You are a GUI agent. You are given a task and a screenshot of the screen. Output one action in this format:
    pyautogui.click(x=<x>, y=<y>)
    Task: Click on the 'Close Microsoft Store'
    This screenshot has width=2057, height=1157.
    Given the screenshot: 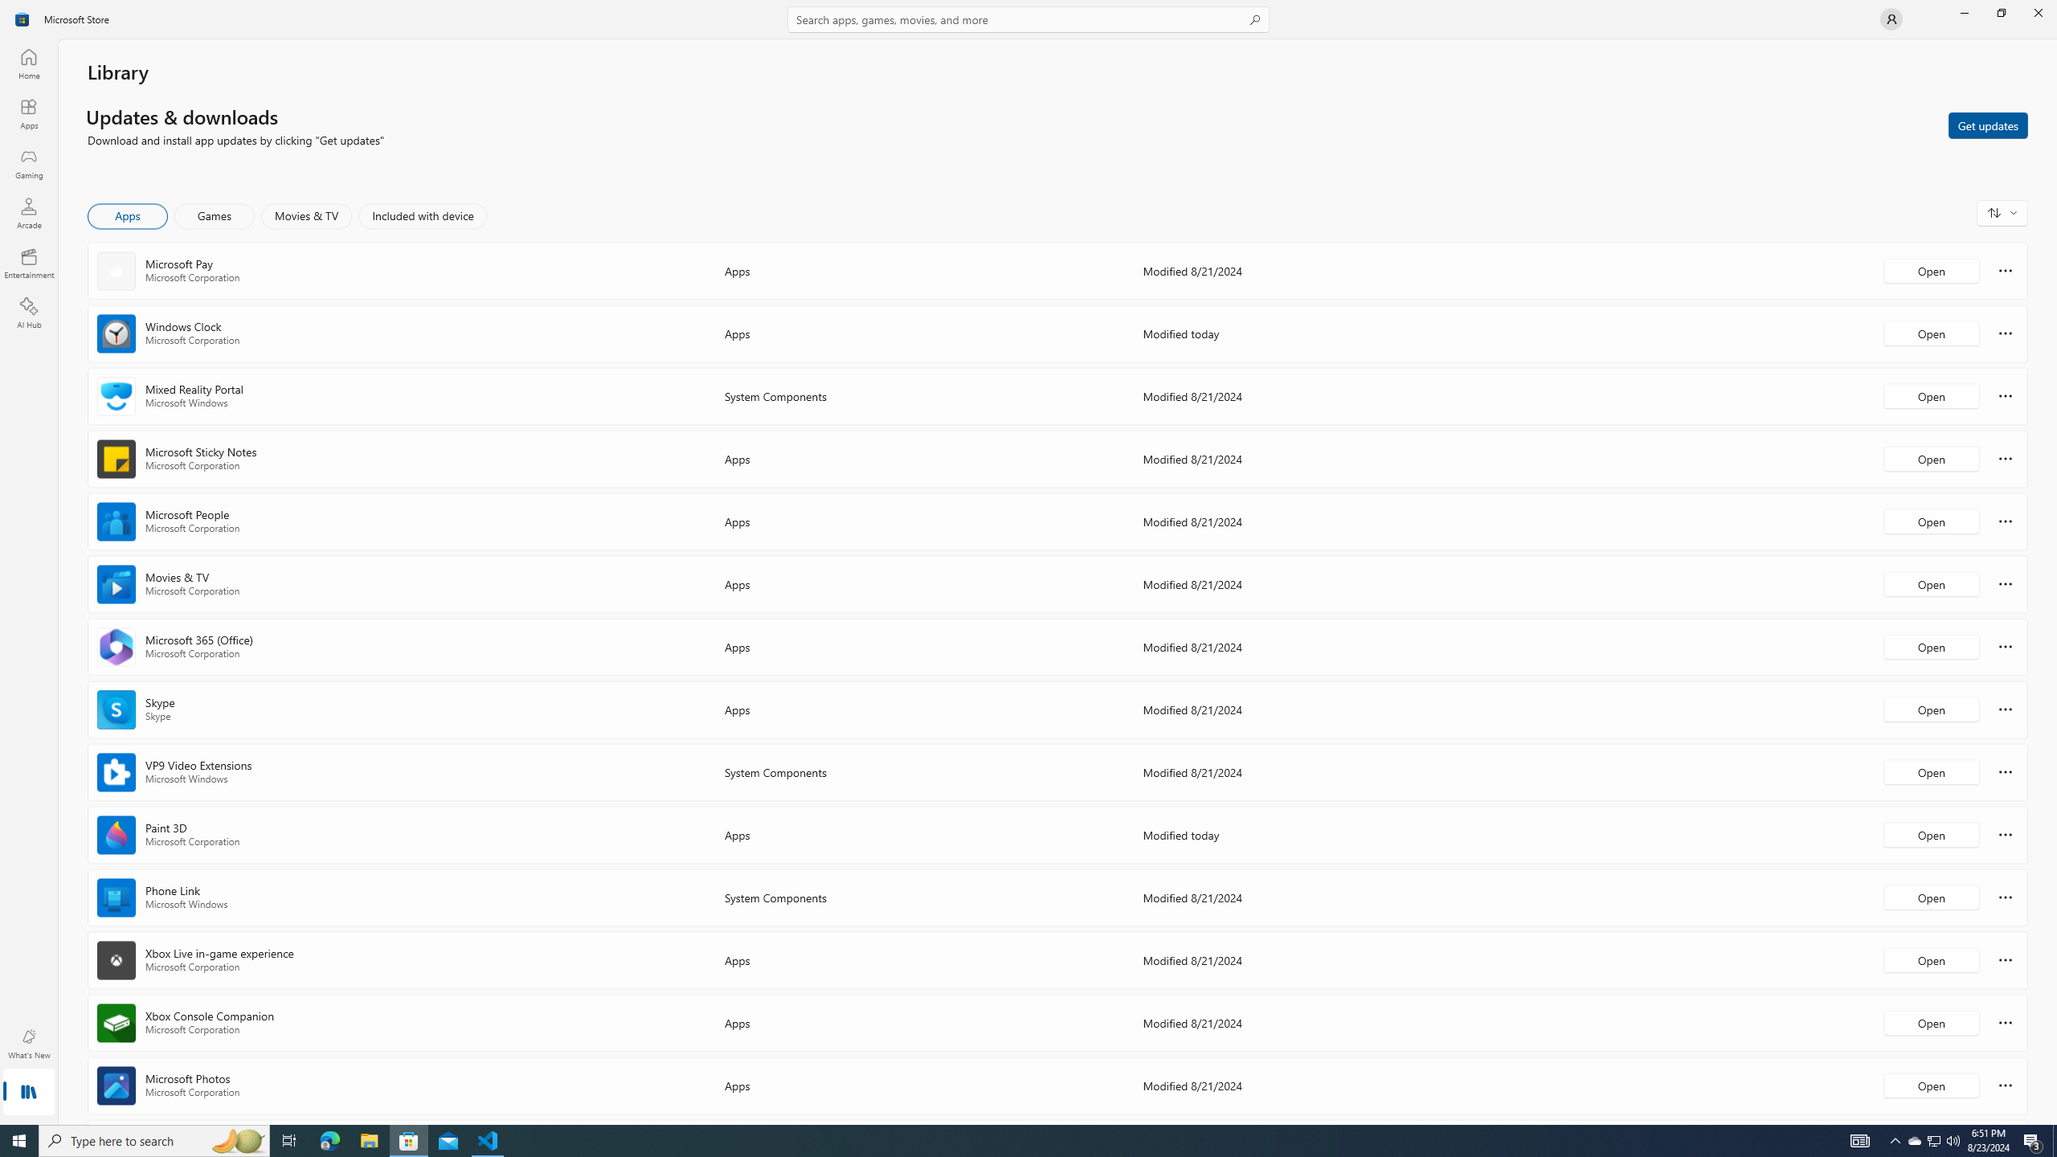 What is the action you would take?
    pyautogui.click(x=2037, y=12)
    